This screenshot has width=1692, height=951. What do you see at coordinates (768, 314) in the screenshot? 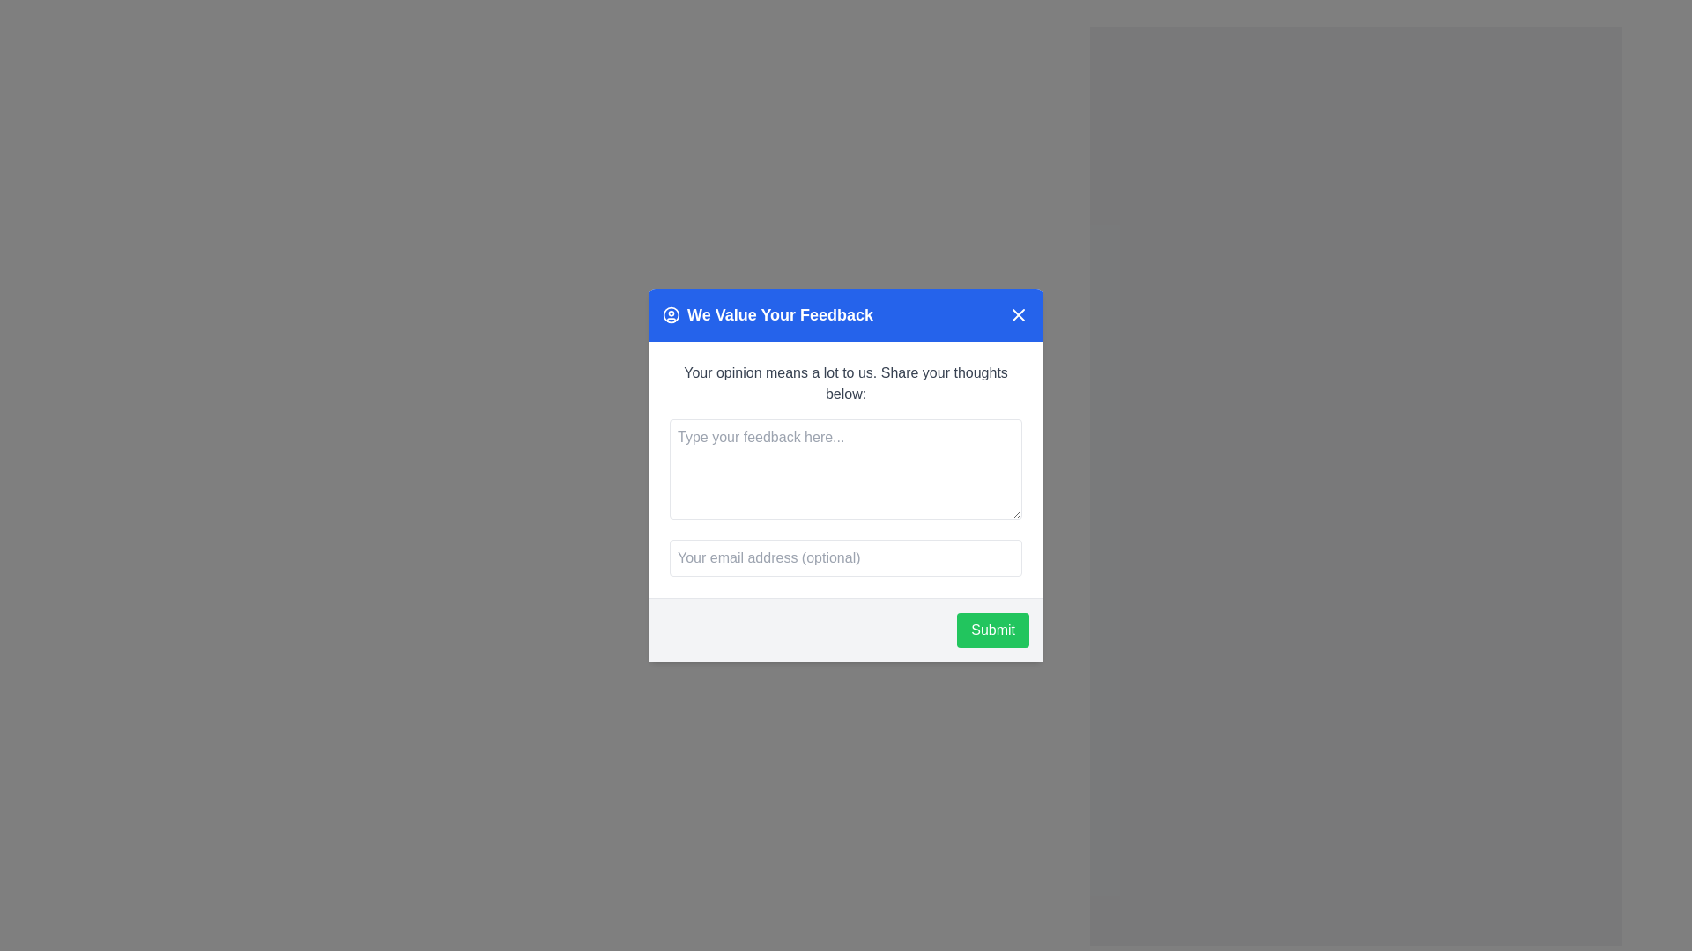
I see `the Header text with an accompanying icon in the blue header section of the feedback modal, located near the top-left corner` at bounding box center [768, 314].